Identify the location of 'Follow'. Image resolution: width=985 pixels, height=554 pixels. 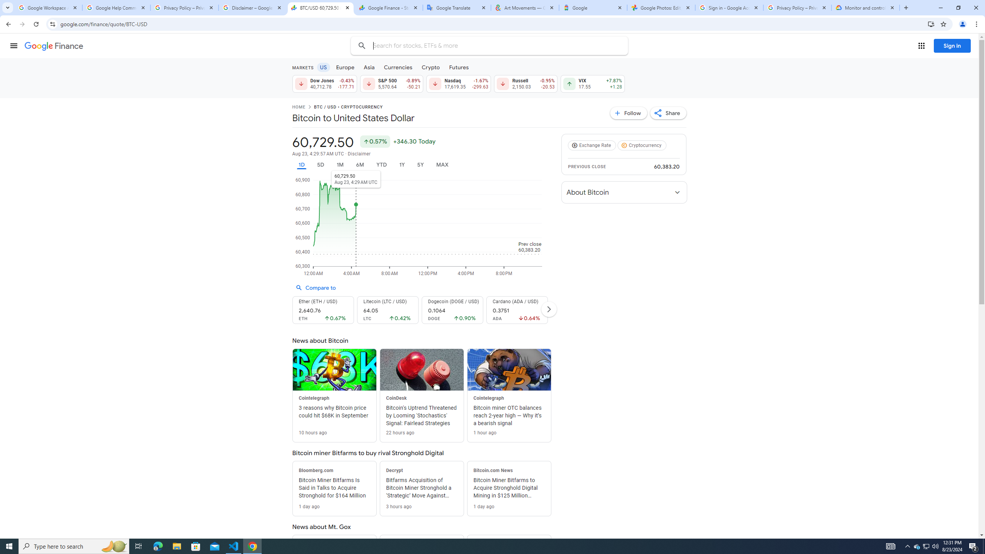
(629, 112).